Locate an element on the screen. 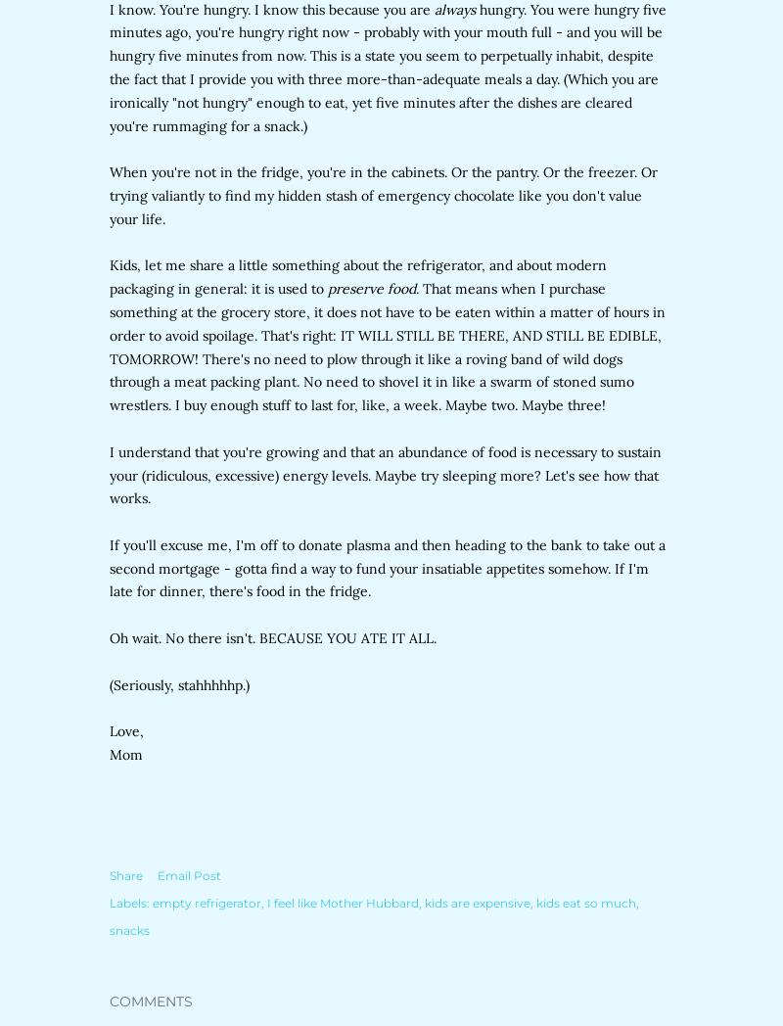 This screenshot has height=1026, width=783. 'I understand that you're growing and that an abundance of food is necessary to sustain your (ridiculous, excessive) energy levels. Maybe try sleeping more? Let's see how that works.' is located at coordinates (385, 475).